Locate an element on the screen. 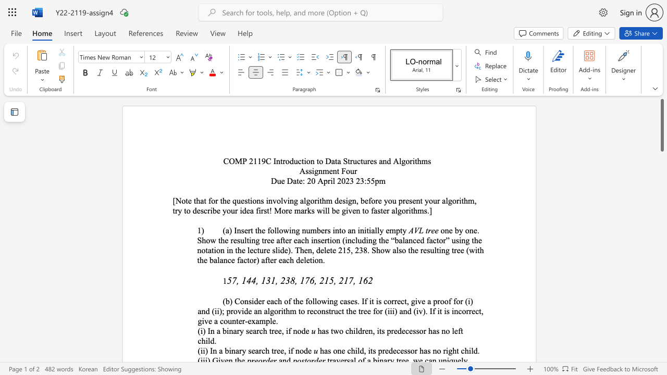  the scrollbar to adjust the page downward is located at coordinates (661, 240).